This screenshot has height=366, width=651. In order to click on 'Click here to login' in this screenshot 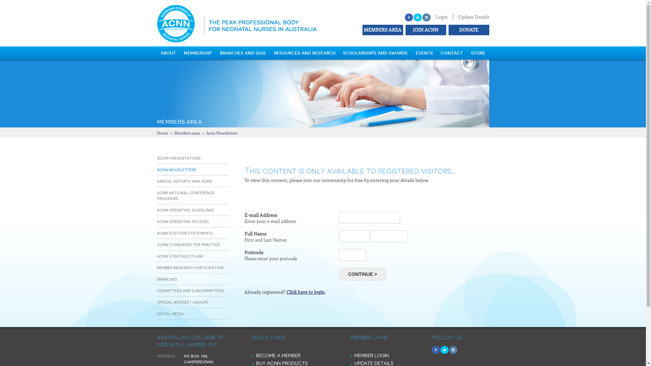, I will do `click(305, 291)`.